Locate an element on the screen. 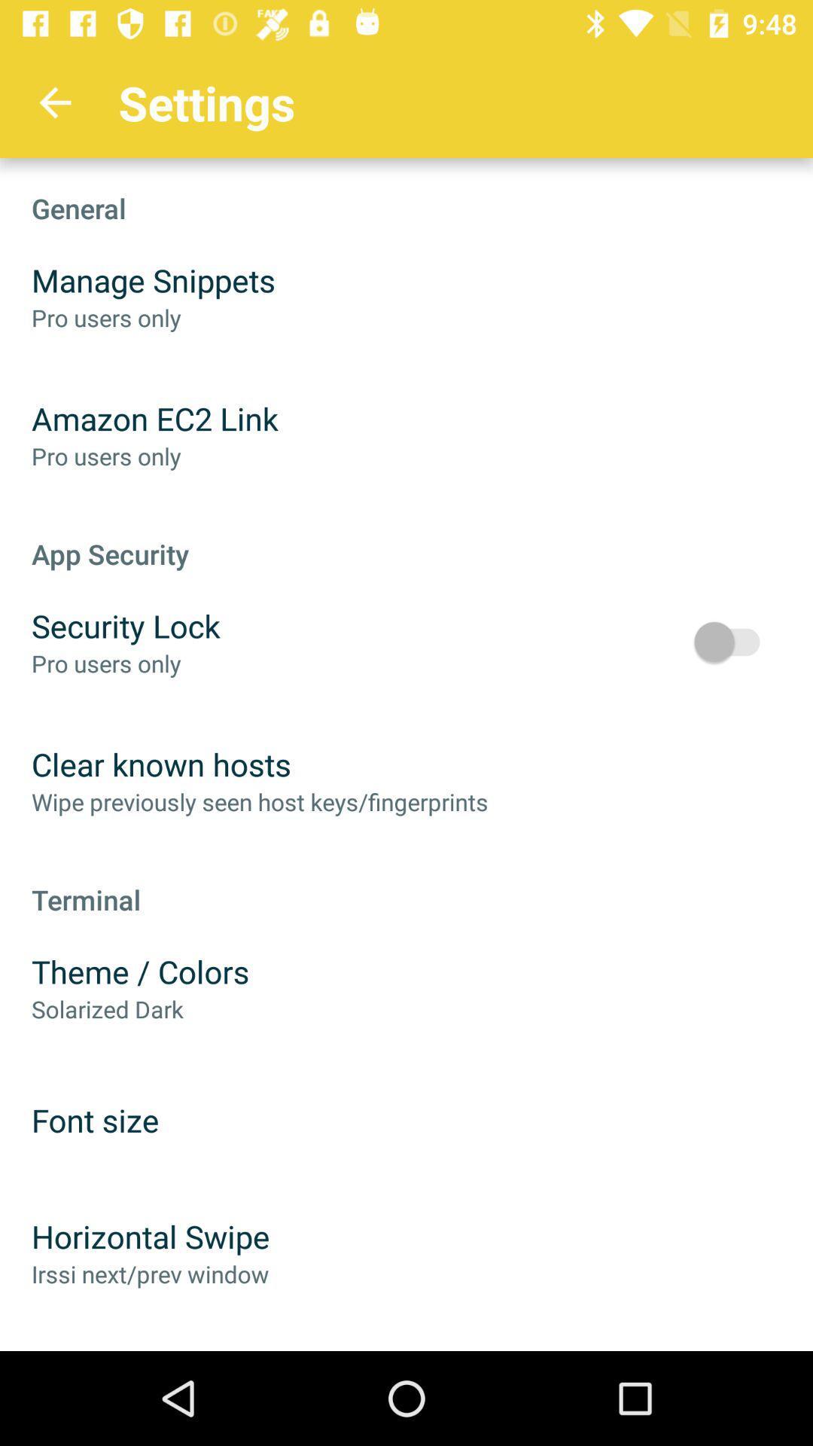 This screenshot has width=813, height=1446. icon next to settings is located at coordinates (54, 102).